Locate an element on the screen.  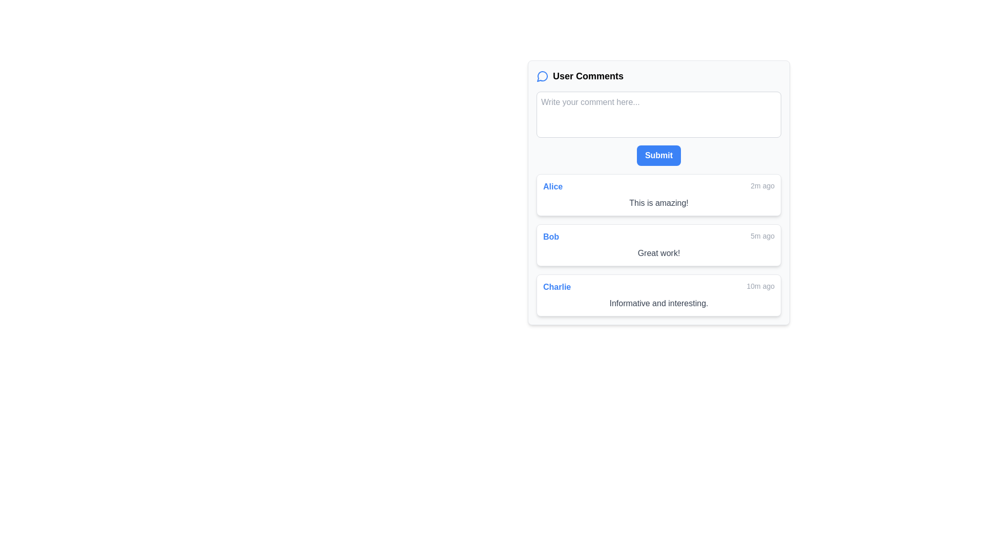
the Text label element that serves as the section title for the user comment section, located next to a speech bubble icon is located at coordinates (588, 76).